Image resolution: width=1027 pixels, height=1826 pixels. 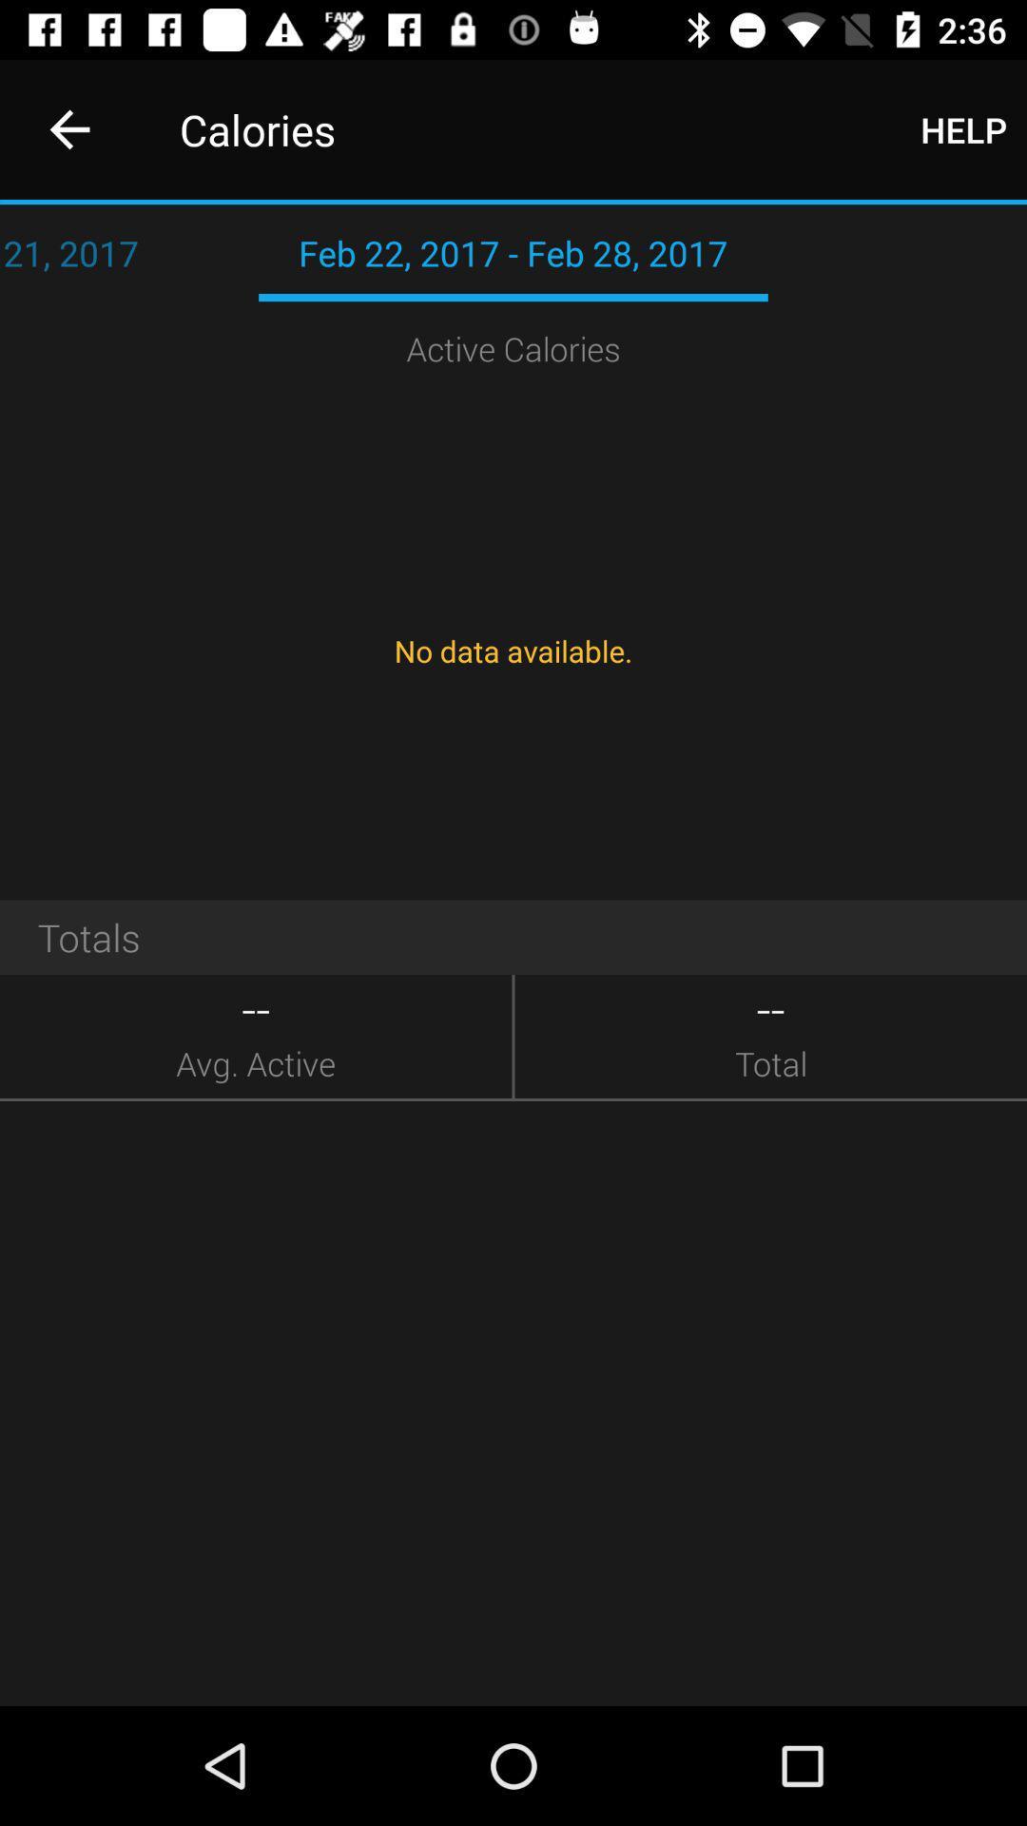 What do you see at coordinates (68, 128) in the screenshot?
I see `item to the left of calories icon` at bounding box center [68, 128].